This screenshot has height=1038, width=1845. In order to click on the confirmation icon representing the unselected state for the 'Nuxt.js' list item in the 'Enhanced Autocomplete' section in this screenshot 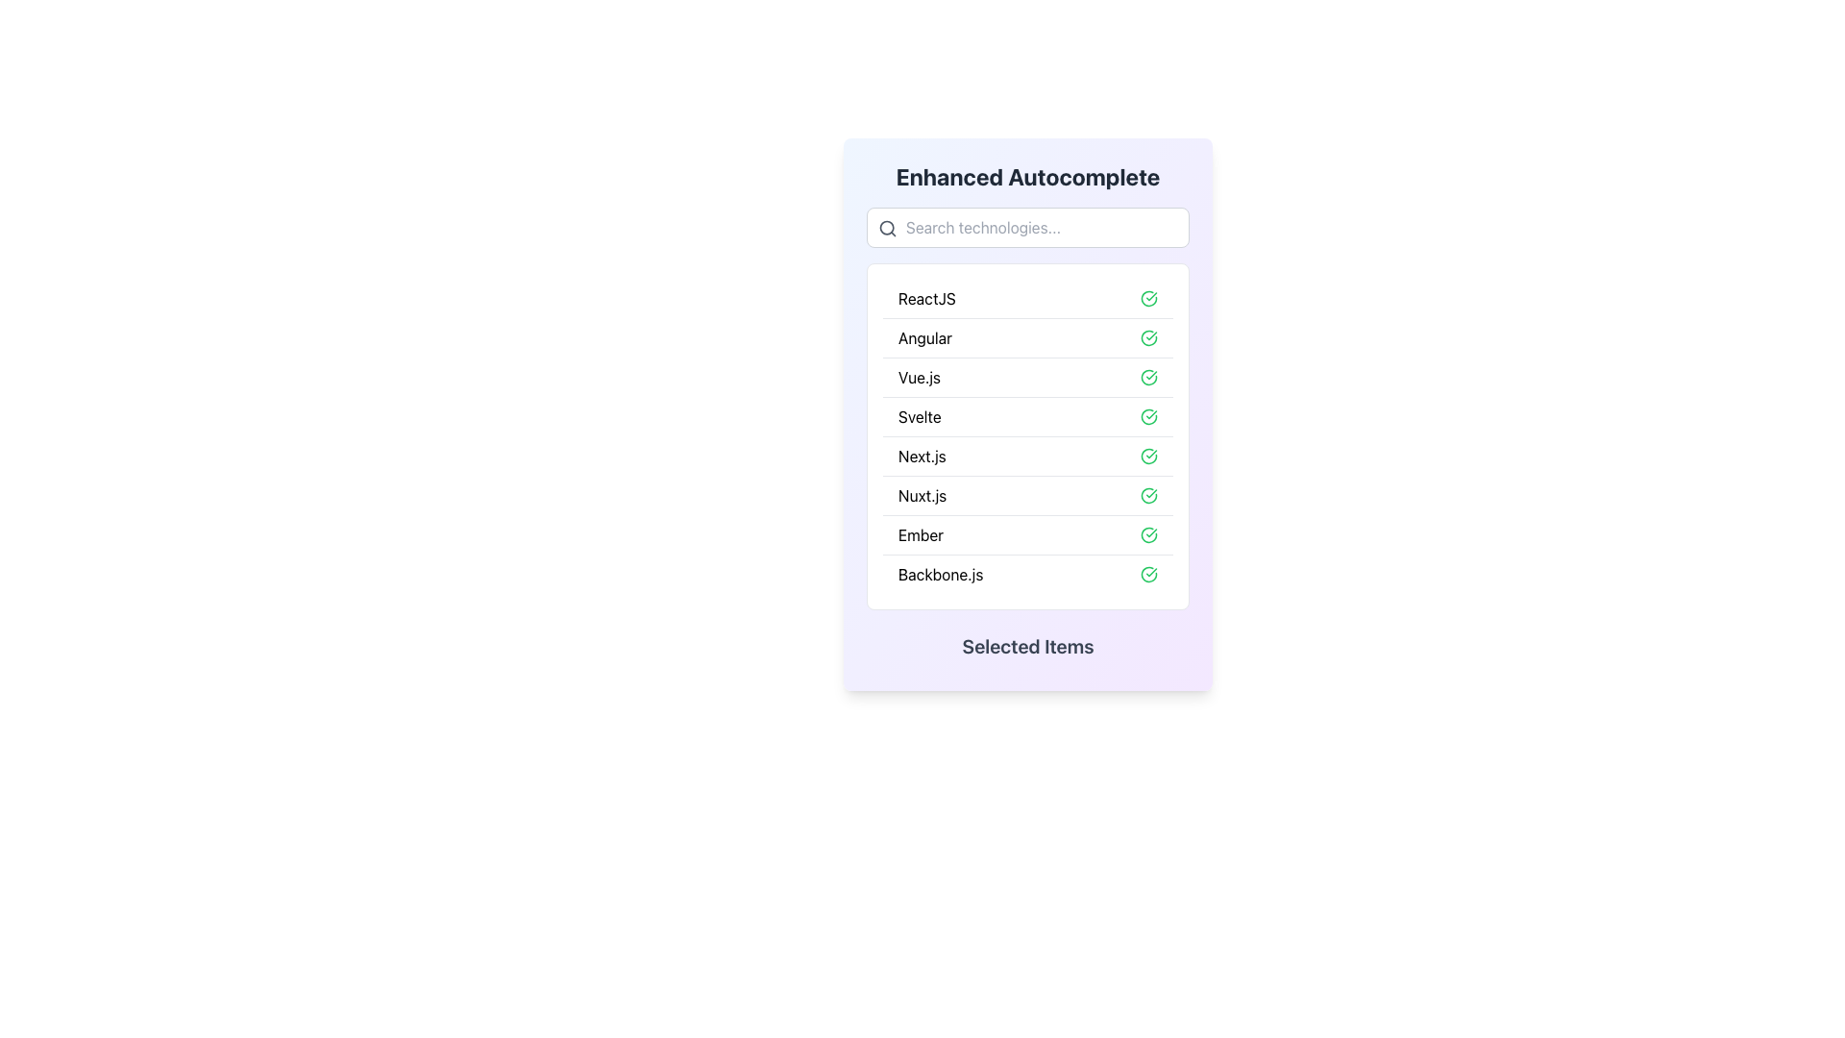, I will do `click(1148, 495)`.